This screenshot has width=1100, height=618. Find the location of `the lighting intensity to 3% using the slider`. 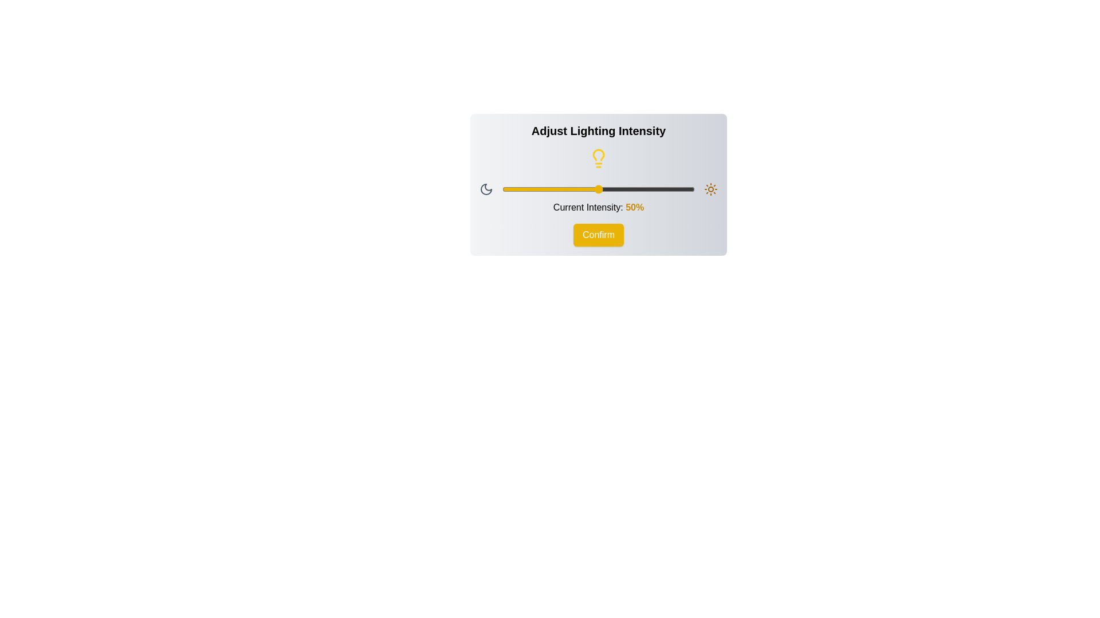

the lighting intensity to 3% using the slider is located at coordinates (508, 189).